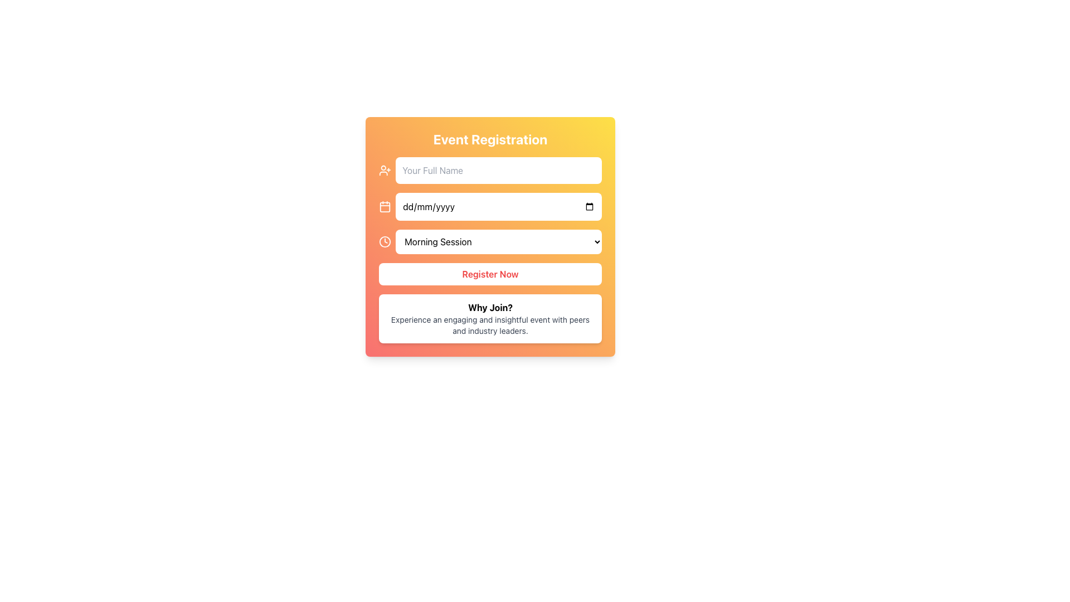 The image size is (1070, 602). Describe the element at coordinates (385, 241) in the screenshot. I see `the decorative circle representing the circular boundary within the clock icon, which is located to the left of the 'Morning Session' dropdown` at that location.